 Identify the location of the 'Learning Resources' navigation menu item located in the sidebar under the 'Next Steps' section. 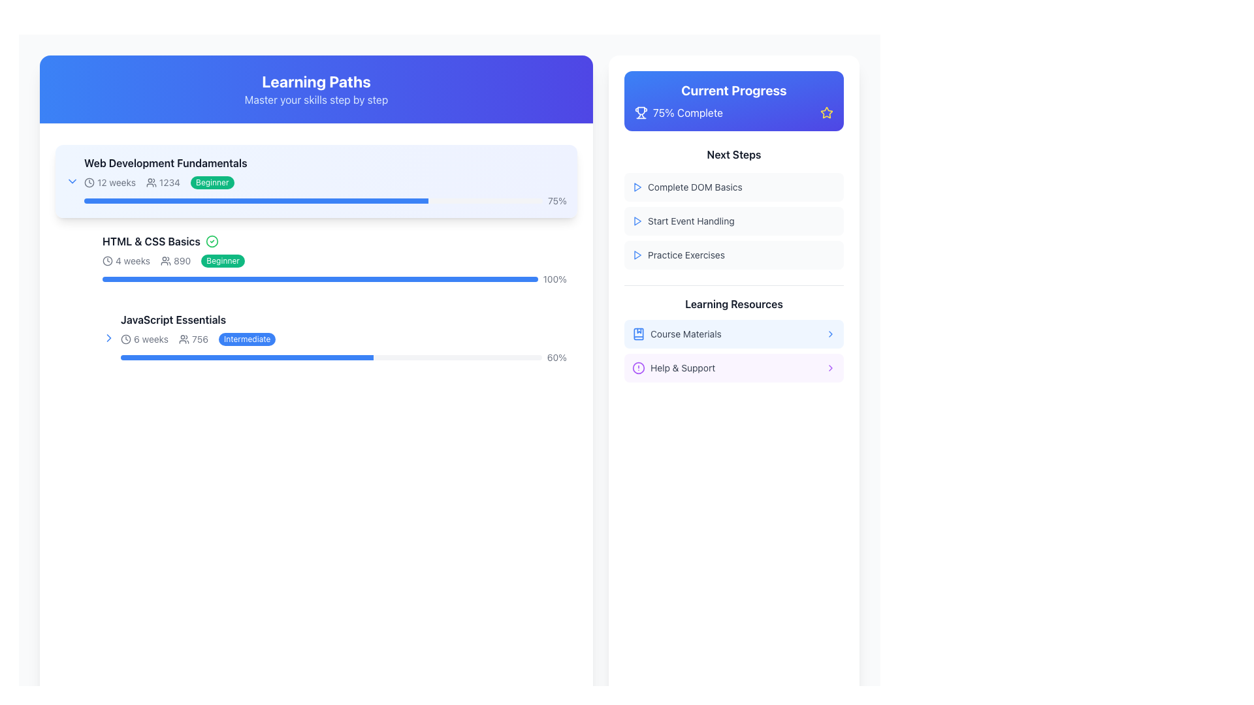
(733, 332).